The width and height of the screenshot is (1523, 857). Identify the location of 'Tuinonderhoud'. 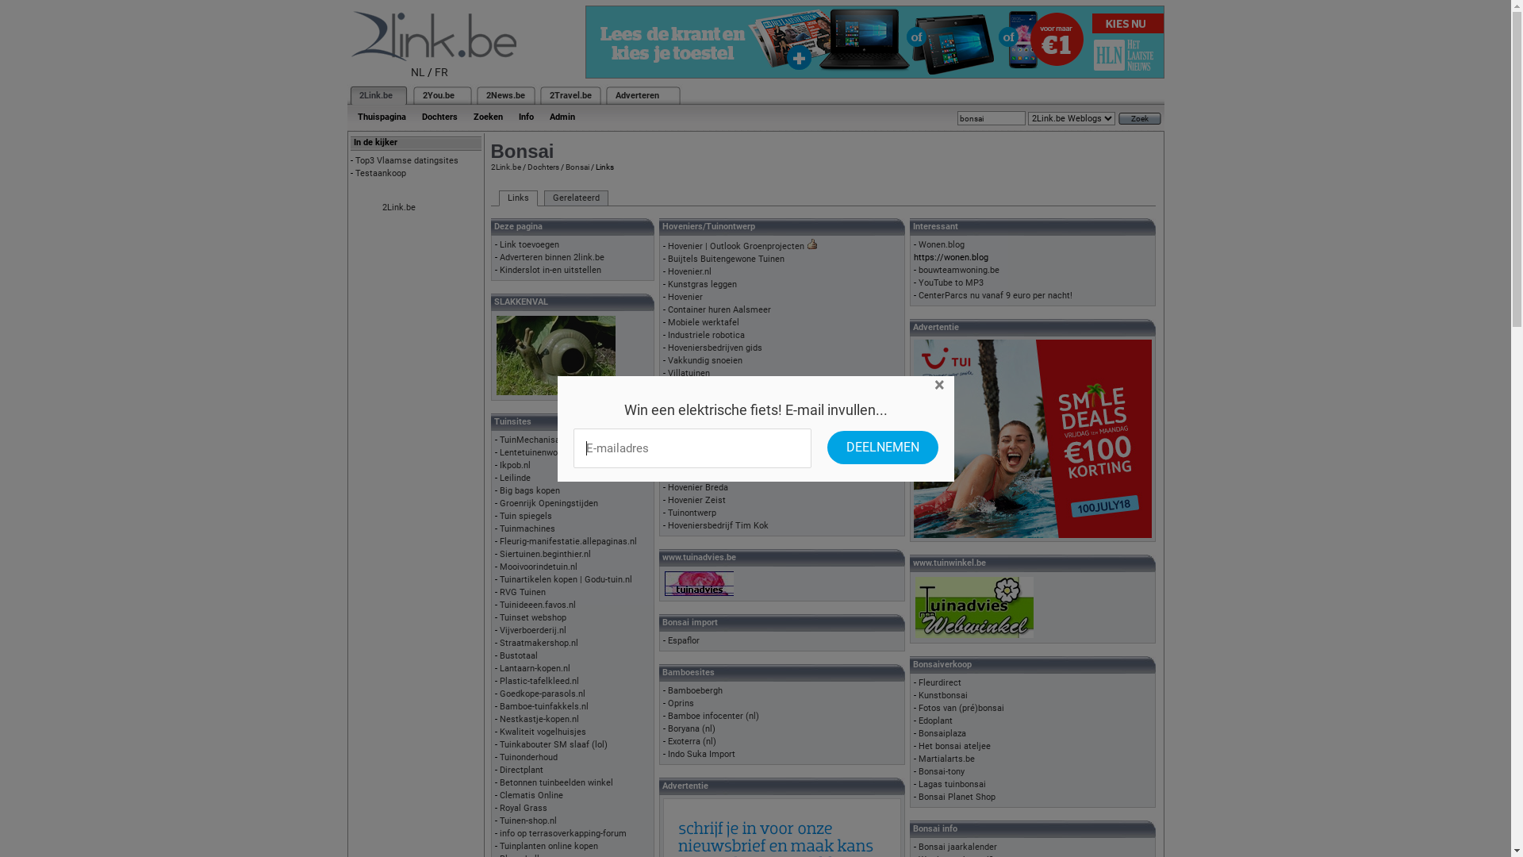
(498, 756).